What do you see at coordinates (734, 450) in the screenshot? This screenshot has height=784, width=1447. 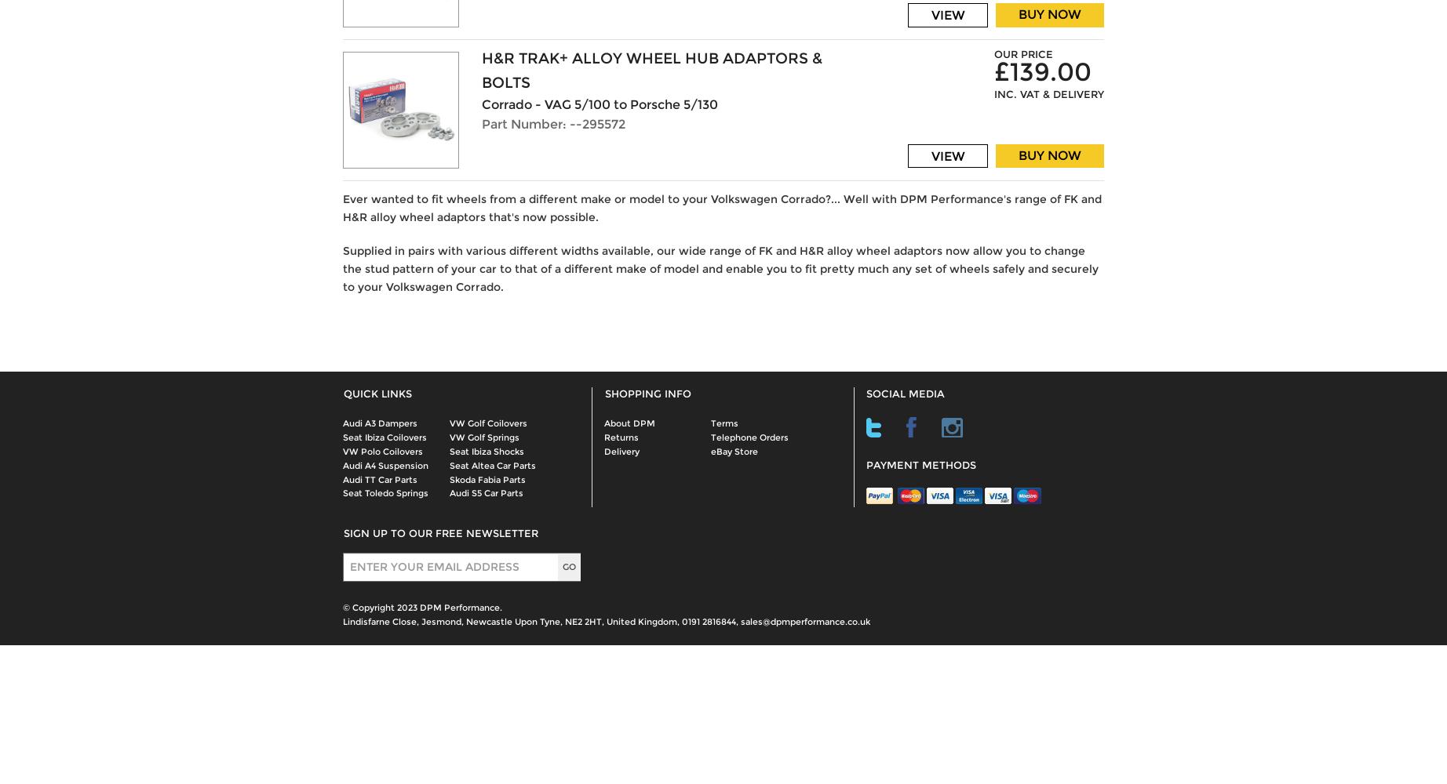 I see `'eBay Store'` at bounding box center [734, 450].